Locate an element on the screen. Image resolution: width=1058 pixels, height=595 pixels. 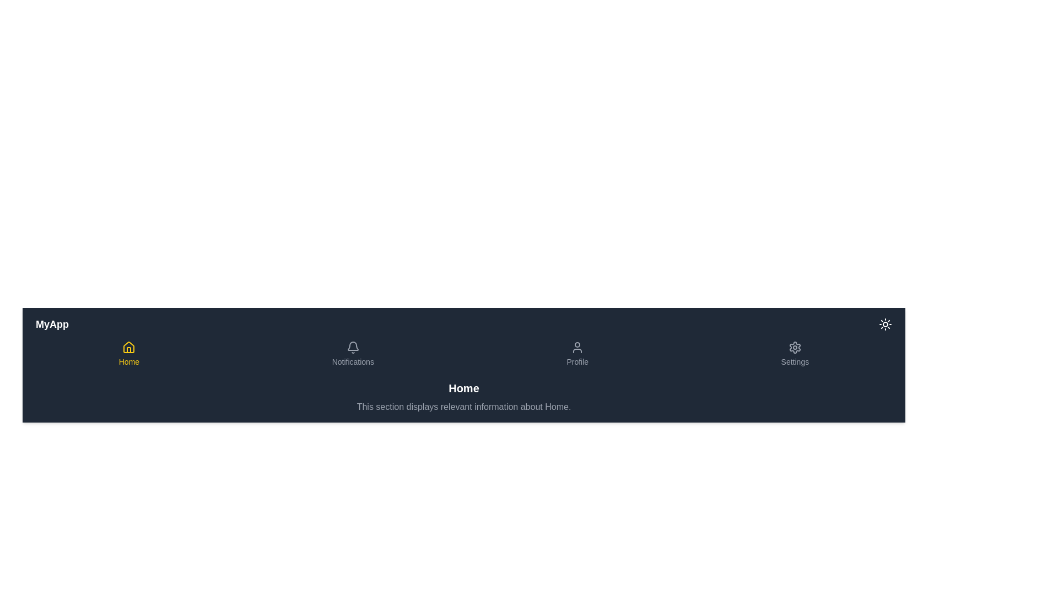
the dark mode button to toggle the dark mode state is located at coordinates (886, 324).